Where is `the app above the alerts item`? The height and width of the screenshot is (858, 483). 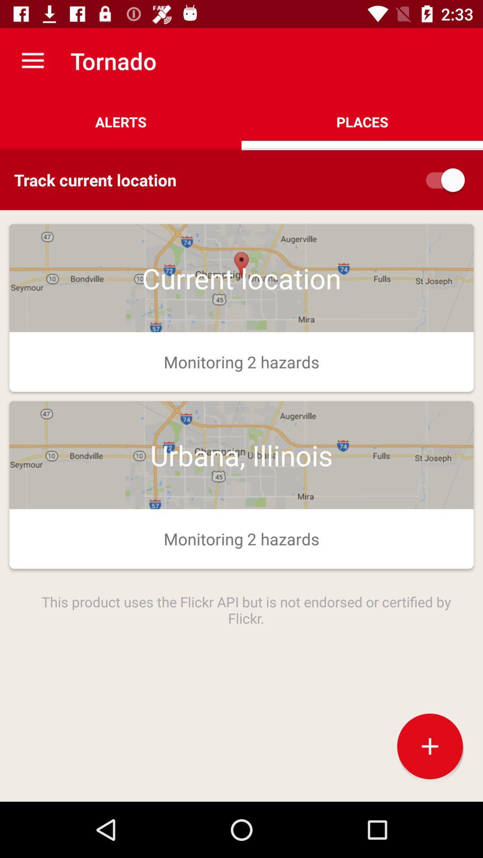 the app above the alerts item is located at coordinates (32, 60).